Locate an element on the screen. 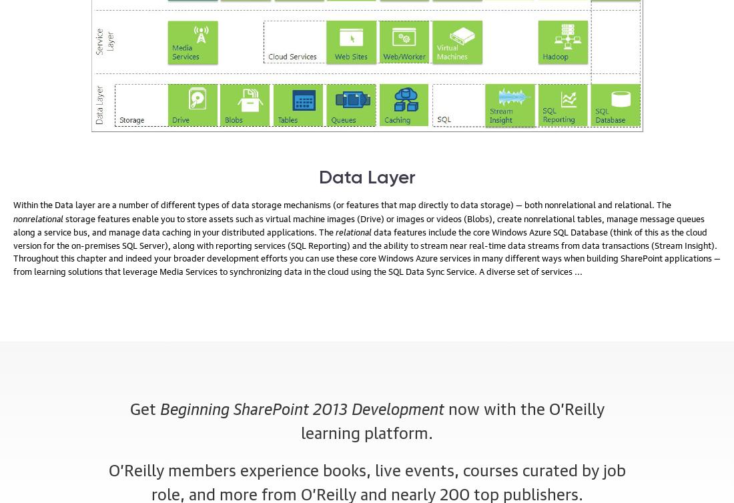  'Data Layer' is located at coordinates (366, 177).